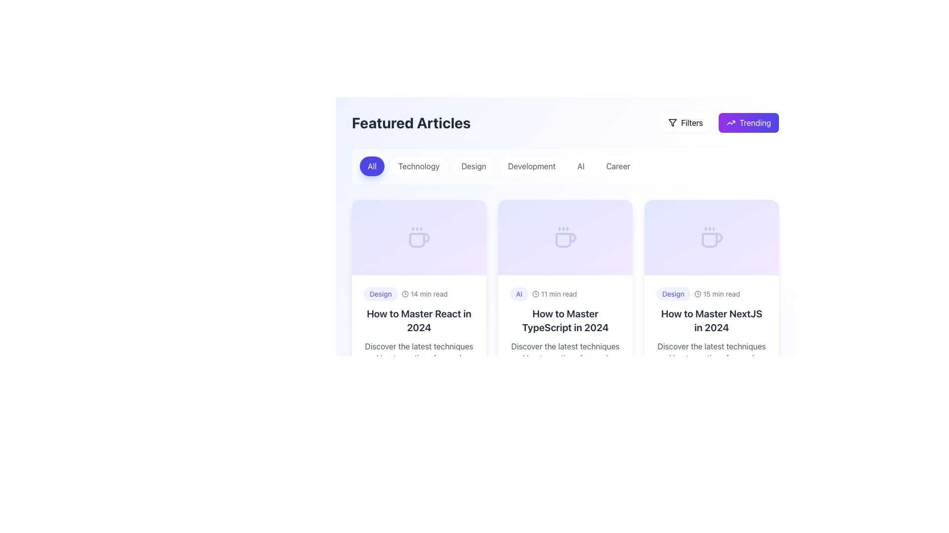 This screenshot has height=533, width=949. What do you see at coordinates (420, 240) in the screenshot?
I see `the coffee cup icon, which is part of the 'Featured Articles' section and located in the first card of three articles` at bounding box center [420, 240].